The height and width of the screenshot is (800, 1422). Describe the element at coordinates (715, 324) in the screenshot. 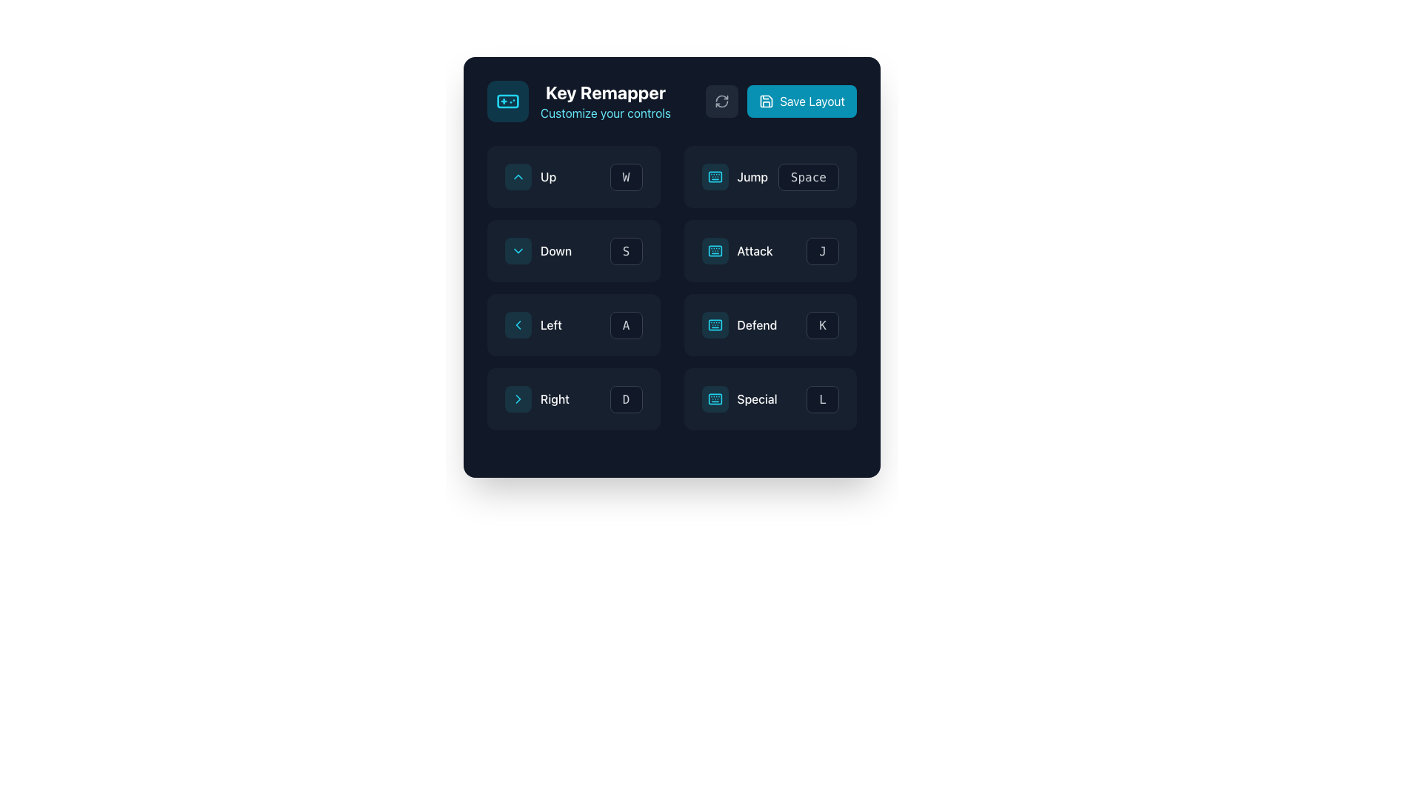

I see `the 'Defend' action icon, which visually represents a key on the keyboard and is located in the middle-right area of the grid structure` at that location.